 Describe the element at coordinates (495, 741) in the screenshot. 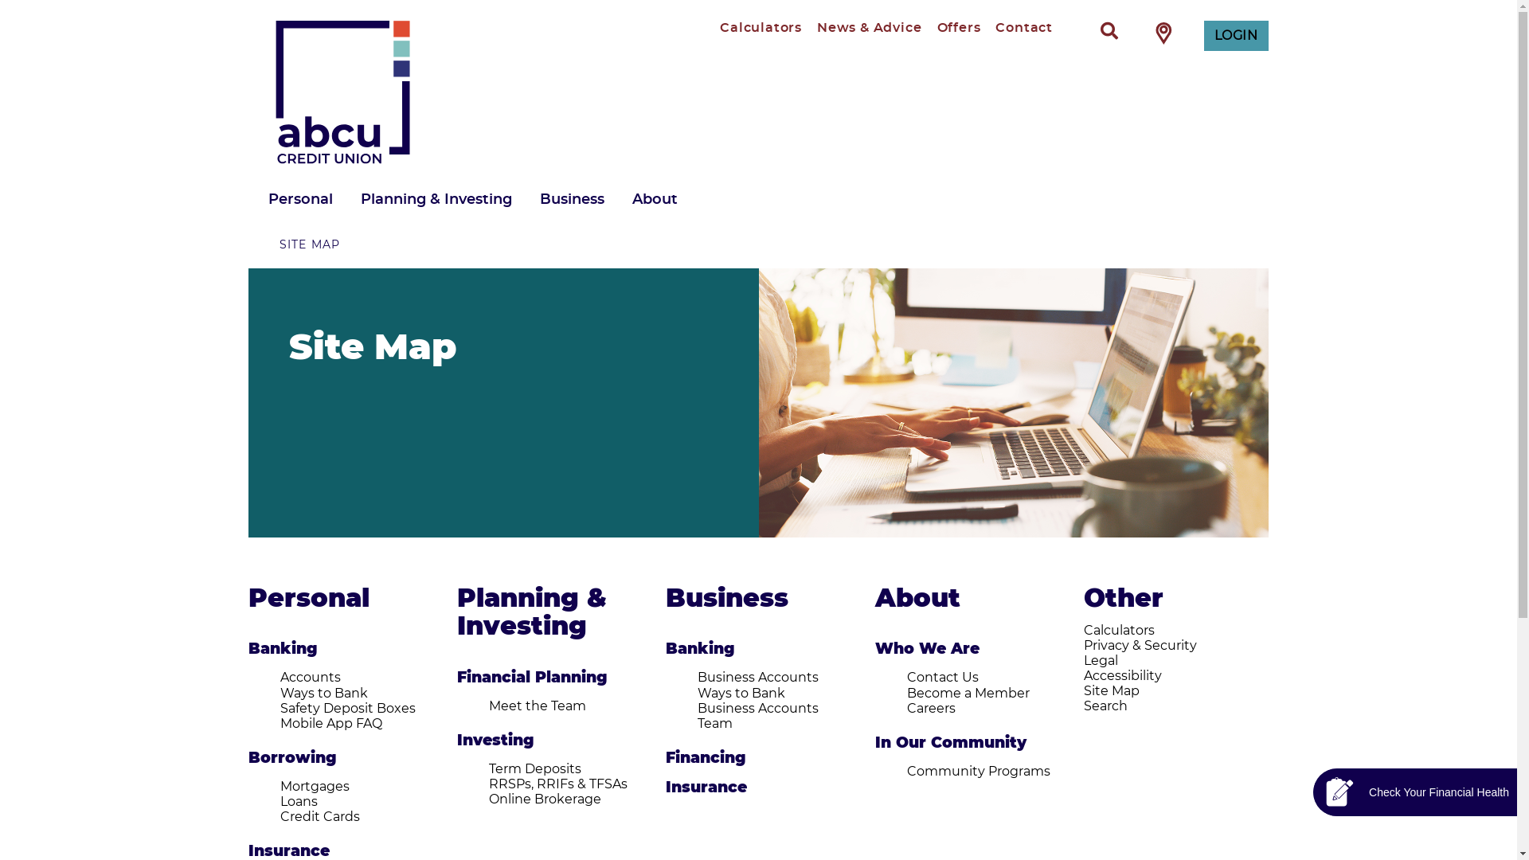

I see `'Investing'` at that location.